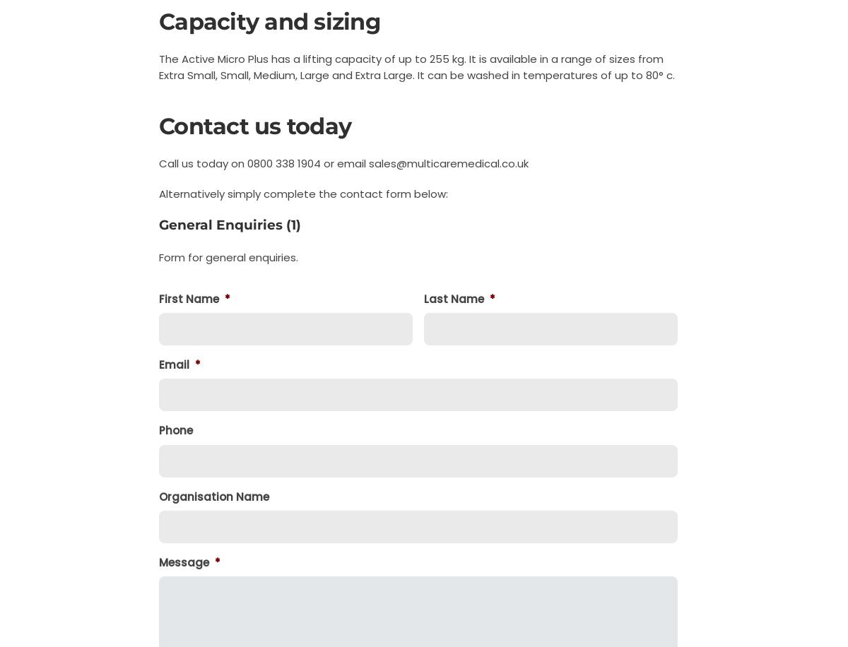 Image resolution: width=848 pixels, height=647 pixels. Describe the element at coordinates (158, 256) in the screenshot. I see `'Form for general enquiries.'` at that location.